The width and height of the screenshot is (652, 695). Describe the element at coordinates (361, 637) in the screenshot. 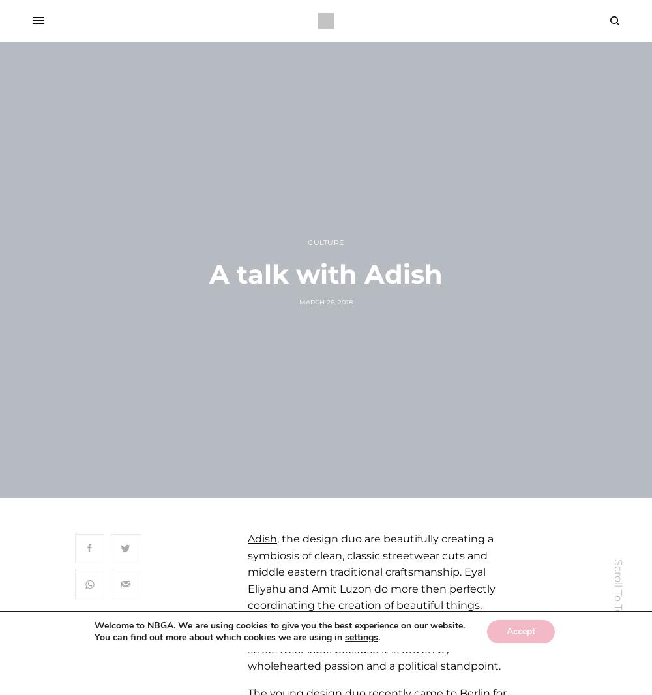

I see `'settings'` at that location.